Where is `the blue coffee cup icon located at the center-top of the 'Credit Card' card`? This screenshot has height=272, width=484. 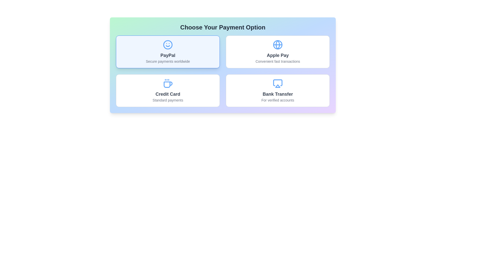
the blue coffee cup icon located at the center-top of the 'Credit Card' card is located at coordinates (168, 83).